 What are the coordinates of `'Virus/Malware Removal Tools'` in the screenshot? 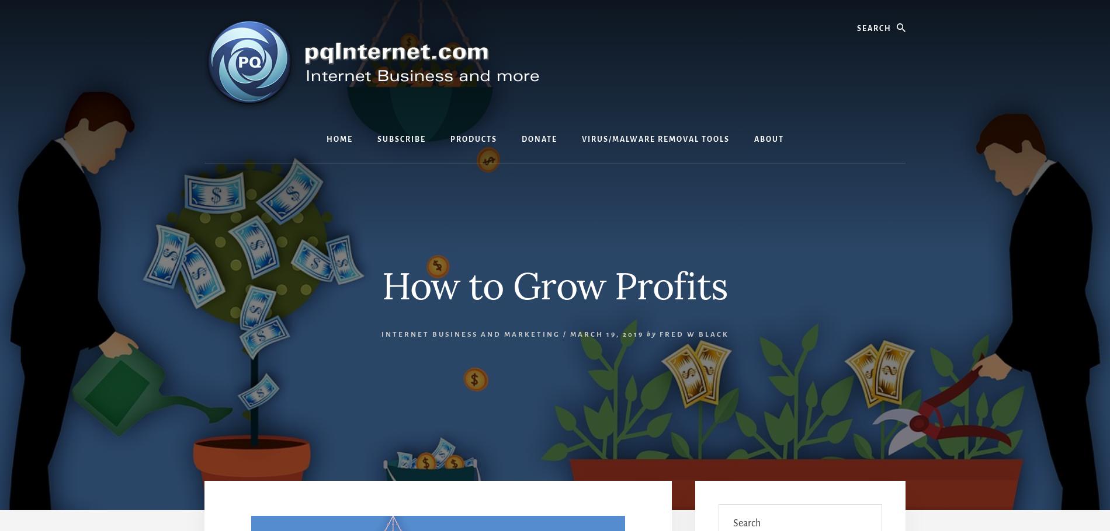 It's located at (581, 139).